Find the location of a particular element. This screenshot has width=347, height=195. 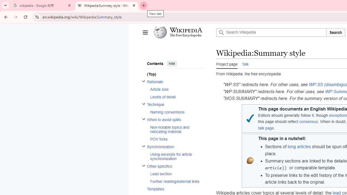

'Toggle Rationale subsection' is located at coordinates (143, 81).